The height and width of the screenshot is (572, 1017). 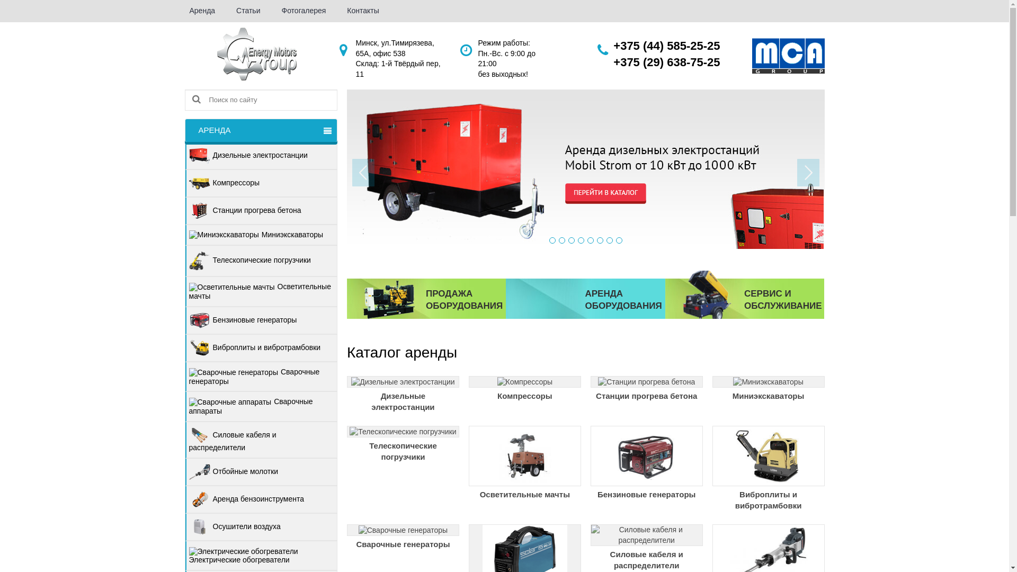 What do you see at coordinates (613, 62) in the screenshot?
I see `'+375 (29) 638-75-25'` at bounding box center [613, 62].